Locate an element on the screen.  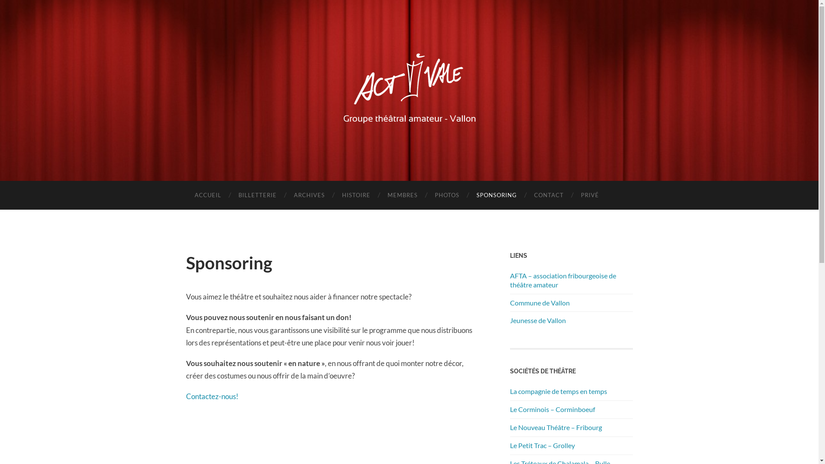
'Contactez-nous!' is located at coordinates (212, 396).